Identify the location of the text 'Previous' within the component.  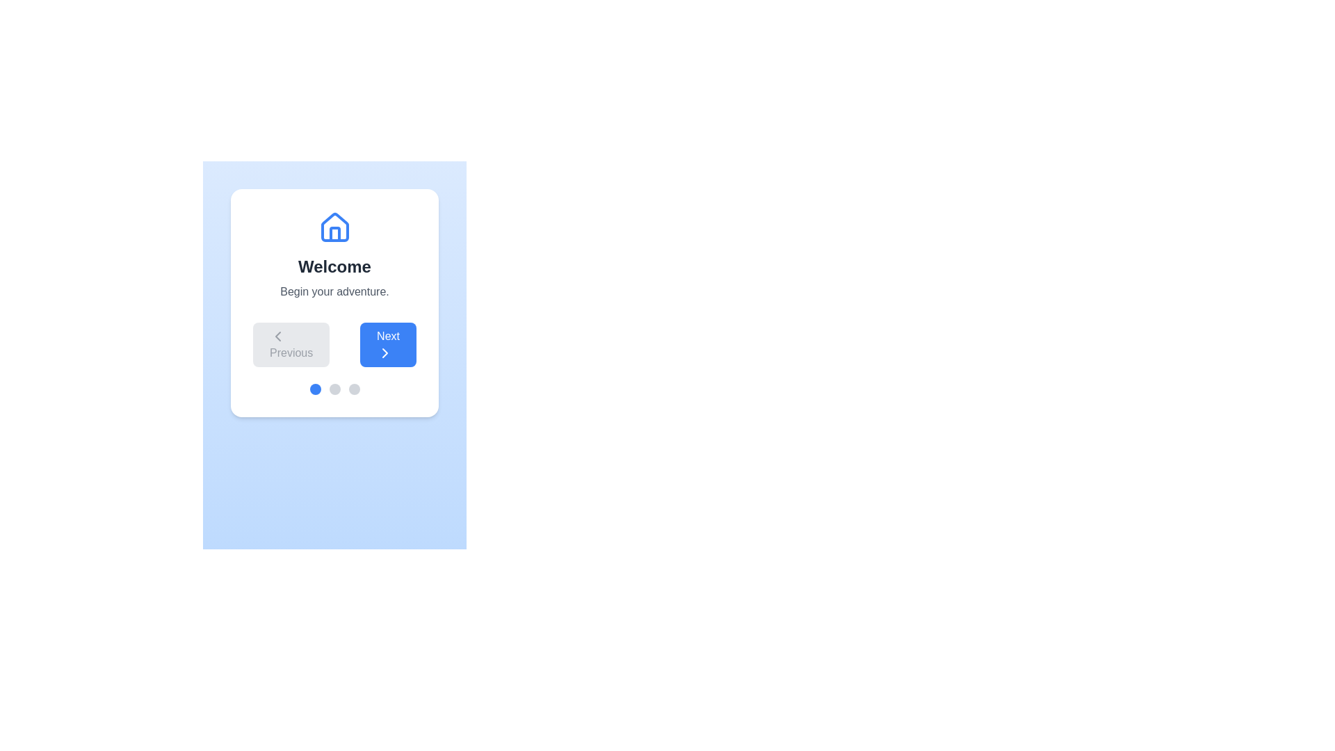
(291, 344).